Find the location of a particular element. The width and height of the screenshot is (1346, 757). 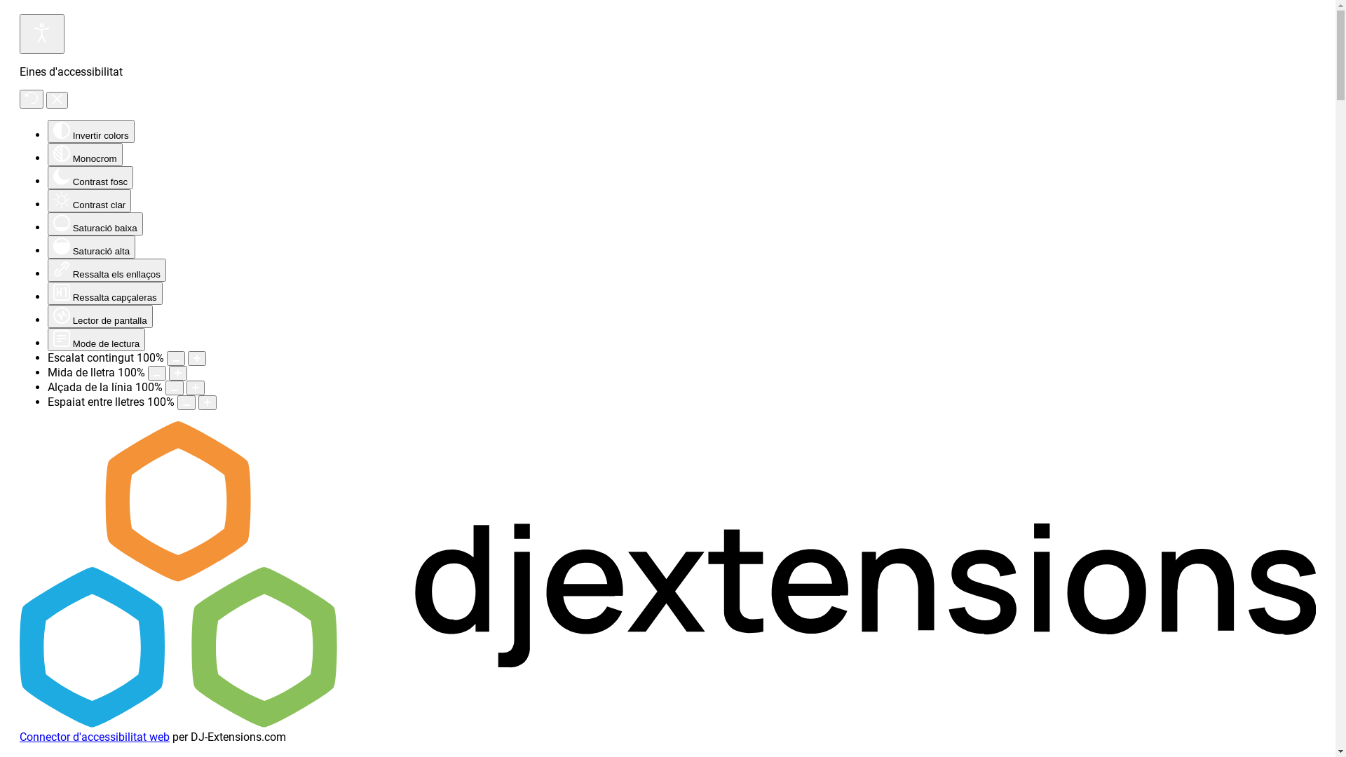

'Reset' is located at coordinates (31, 98).